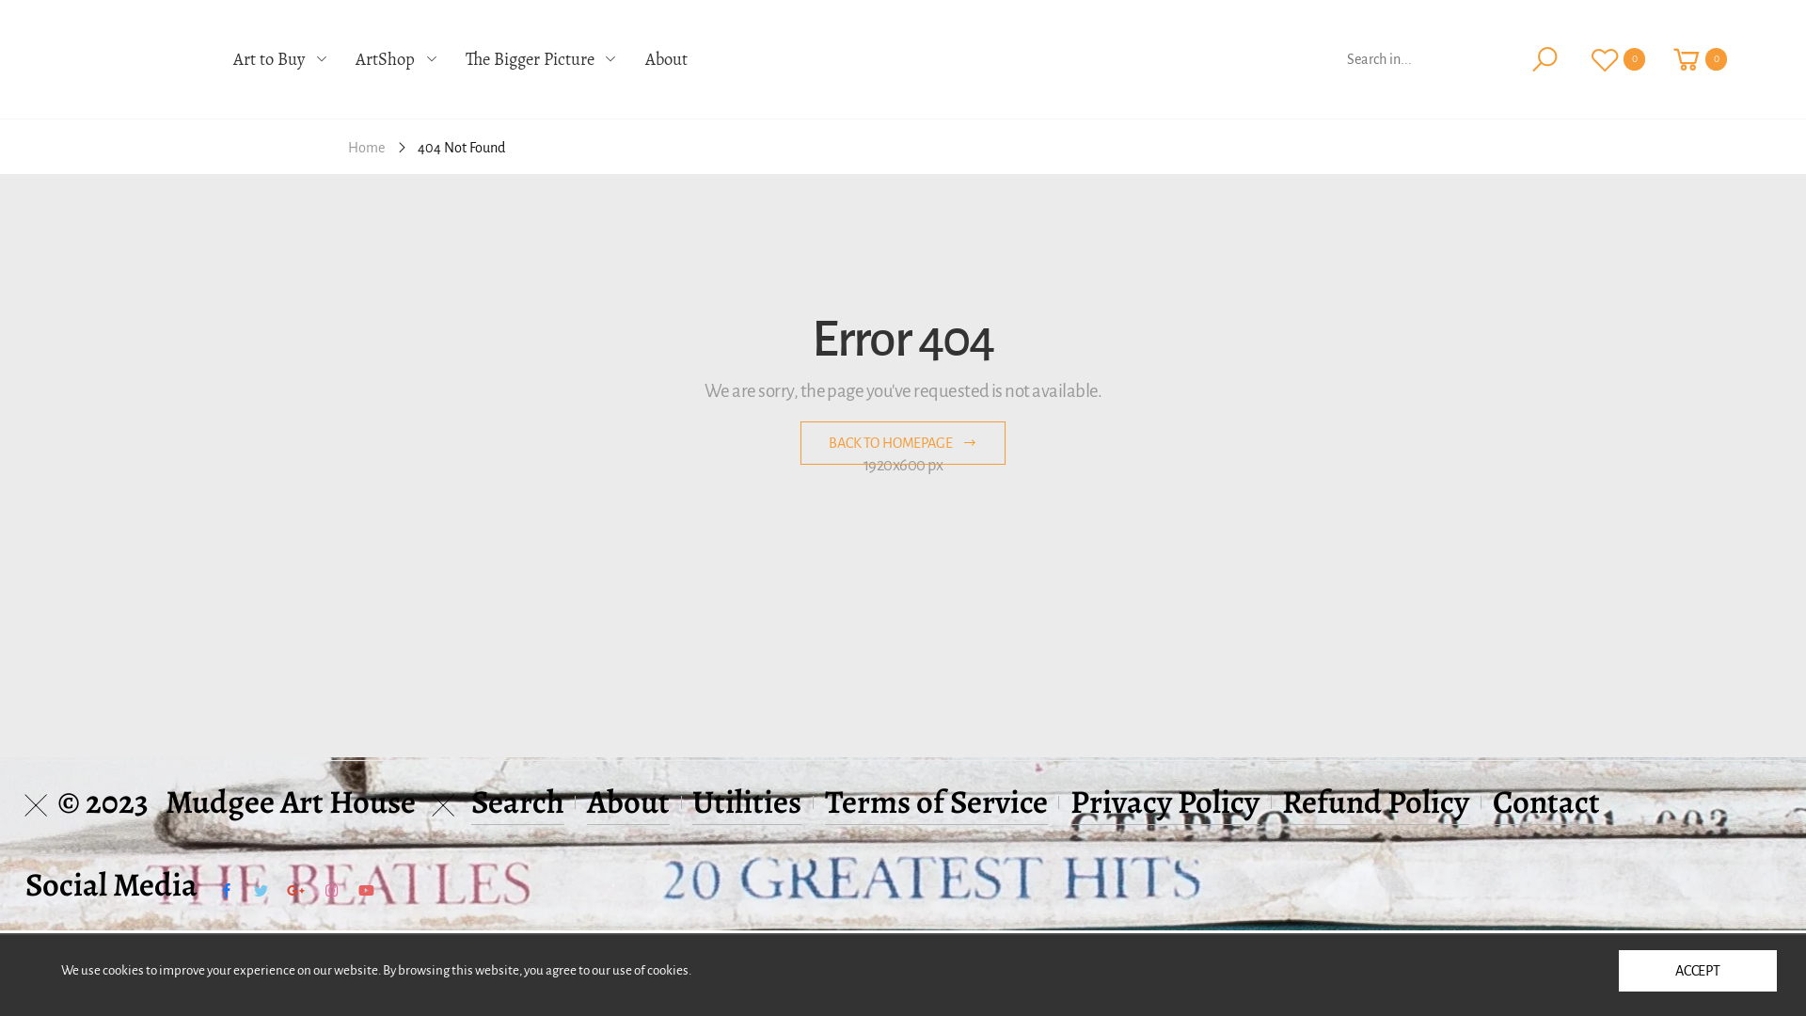  What do you see at coordinates (666, 58) in the screenshot?
I see `'About'` at bounding box center [666, 58].